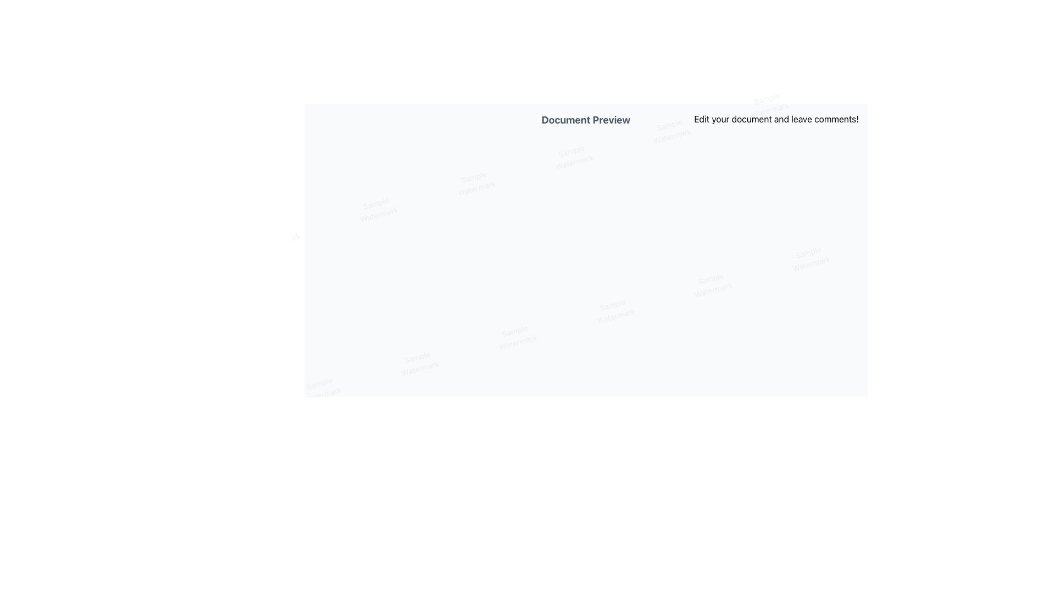 This screenshot has width=1055, height=593. What do you see at coordinates (776, 119) in the screenshot?
I see `the text label that reads 'Edit your document and leave comments!', prominently styled in black font on a white background, located in the upper-right corner of the interface` at bounding box center [776, 119].